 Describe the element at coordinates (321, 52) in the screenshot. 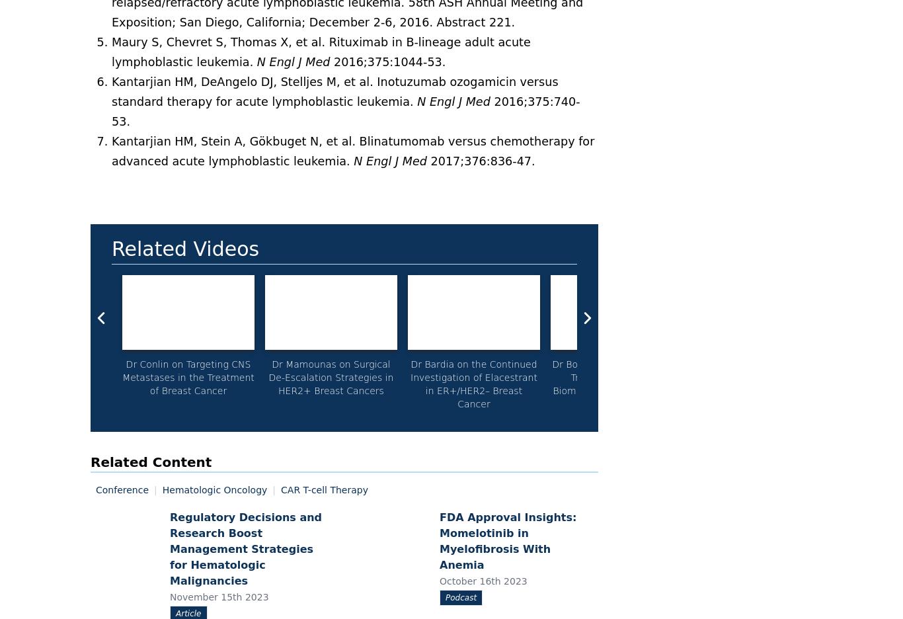

I see `'Maury S, Chevret S, Thomas X, et al. Rituximab in B-lineage adult acute lymphoblastic leukemia.'` at that location.